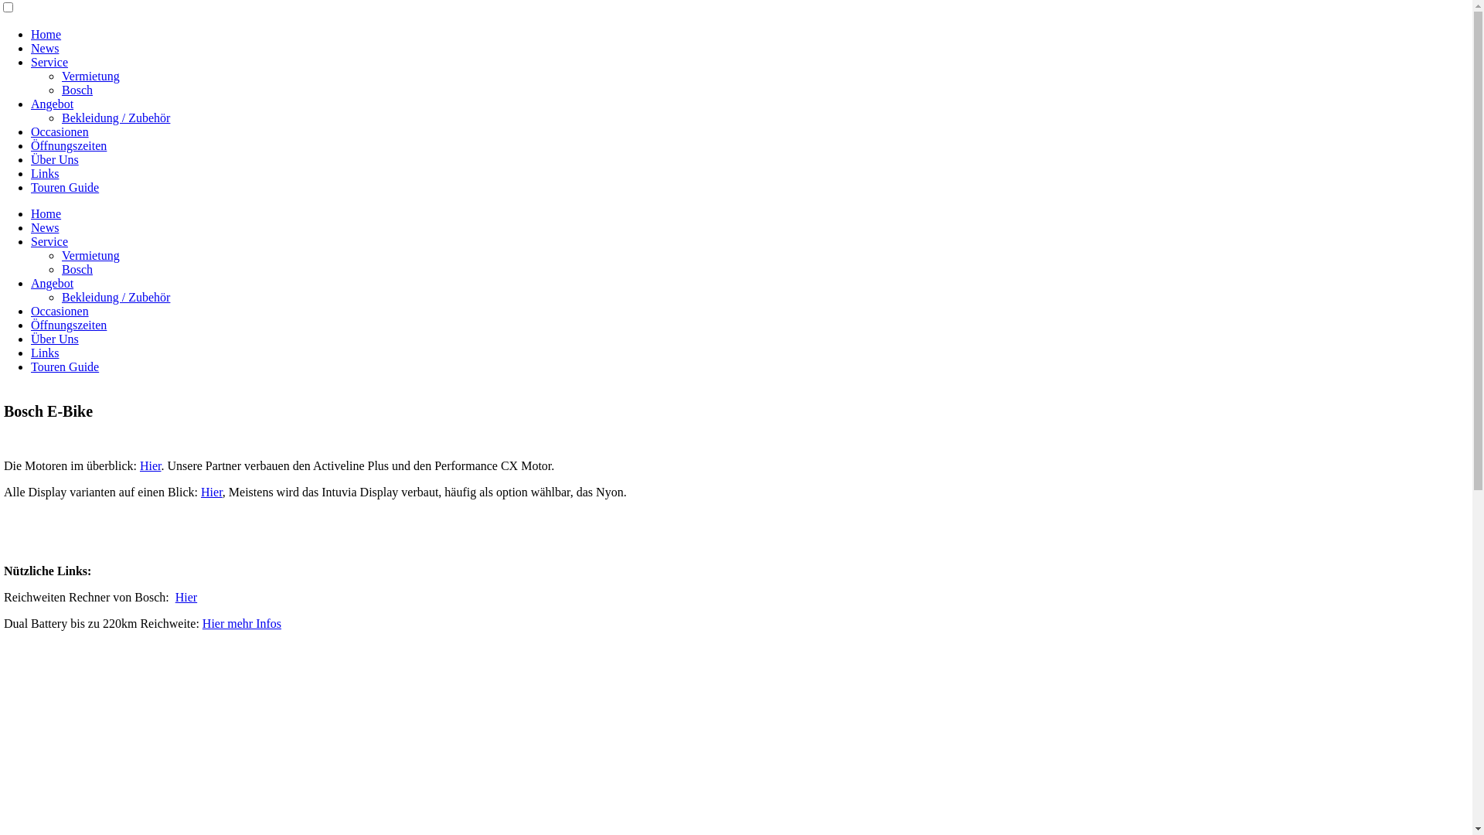 Image resolution: width=1484 pixels, height=835 pixels. I want to click on 'Bosch', so click(77, 90).